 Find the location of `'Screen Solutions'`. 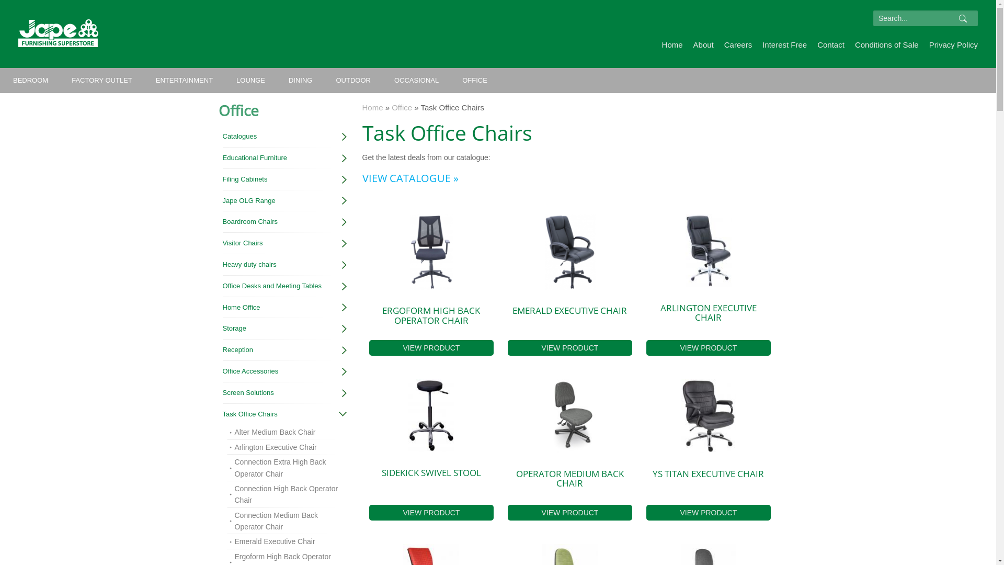

'Screen Solutions' is located at coordinates (284, 393).